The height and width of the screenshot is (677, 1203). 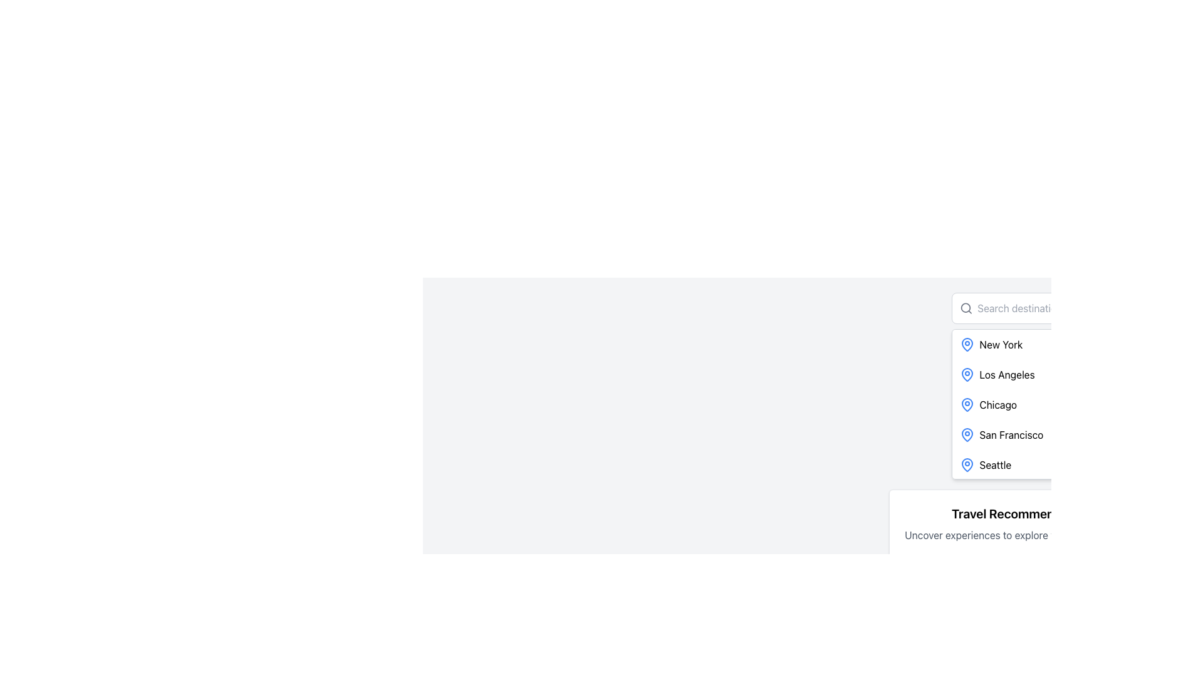 What do you see at coordinates (965, 308) in the screenshot?
I see `the search icon that visually indicates the search functionality, located at the left edge of the 'Search destination...' input field` at bounding box center [965, 308].